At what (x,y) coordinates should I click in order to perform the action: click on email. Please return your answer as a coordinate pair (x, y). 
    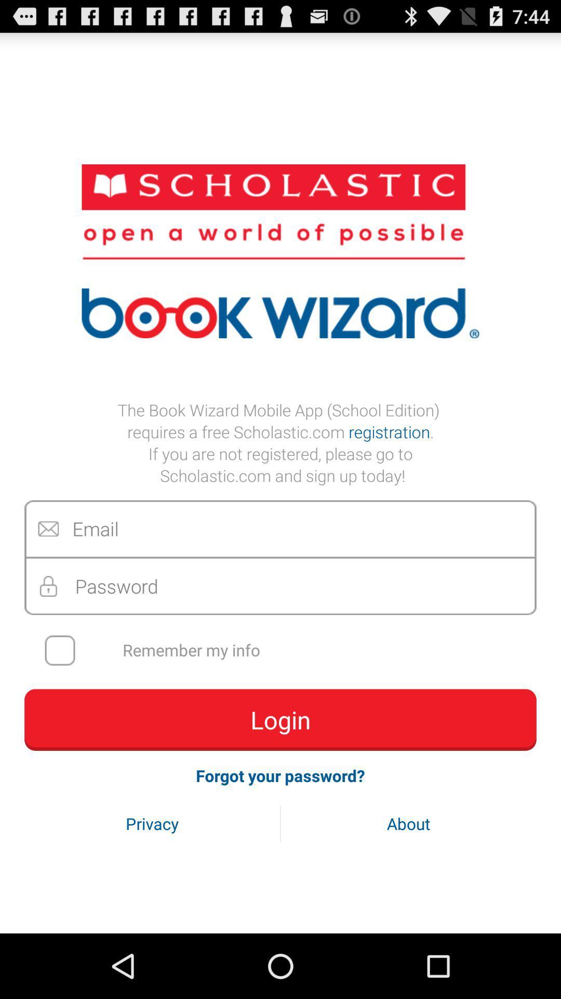
    Looking at the image, I should click on (280, 529).